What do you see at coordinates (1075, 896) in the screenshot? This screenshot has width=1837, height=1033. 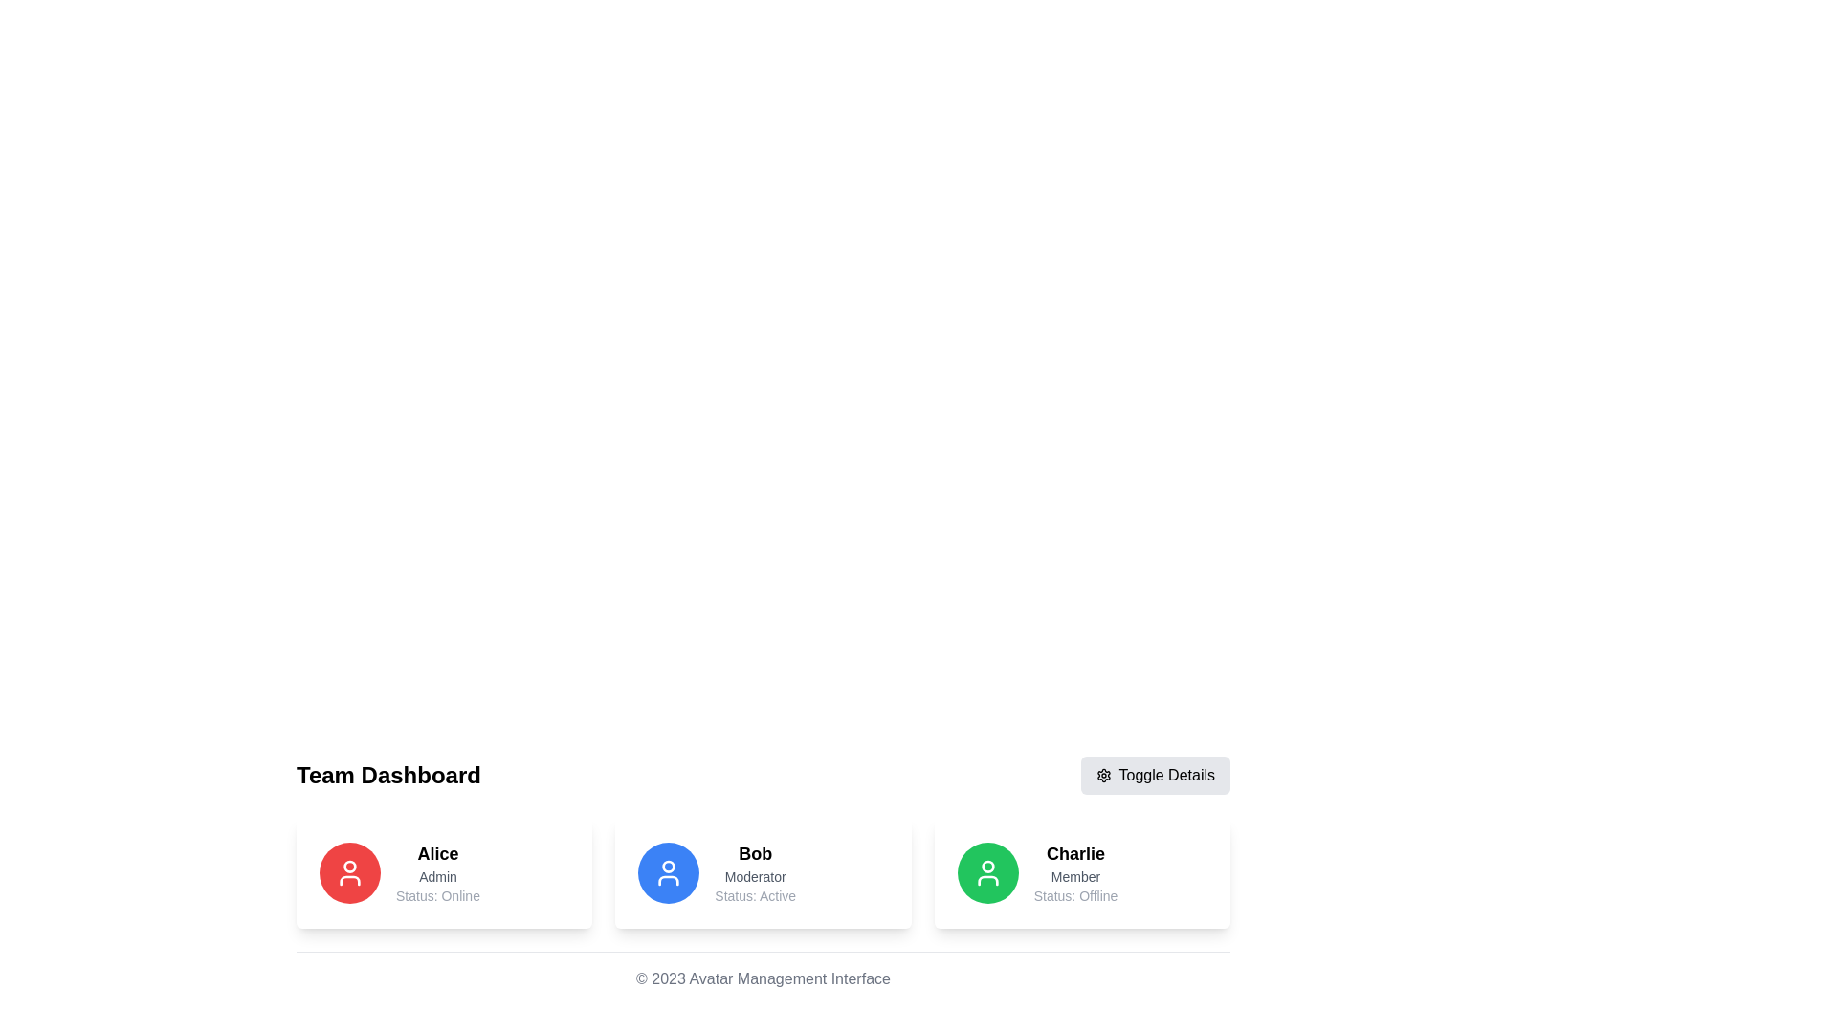 I see `the text label indicating the online status of user 'Charlie', which shows that he is currently offline. This label is located within the 'Charlie Member' card, beneath the 'Member' text` at bounding box center [1075, 896].